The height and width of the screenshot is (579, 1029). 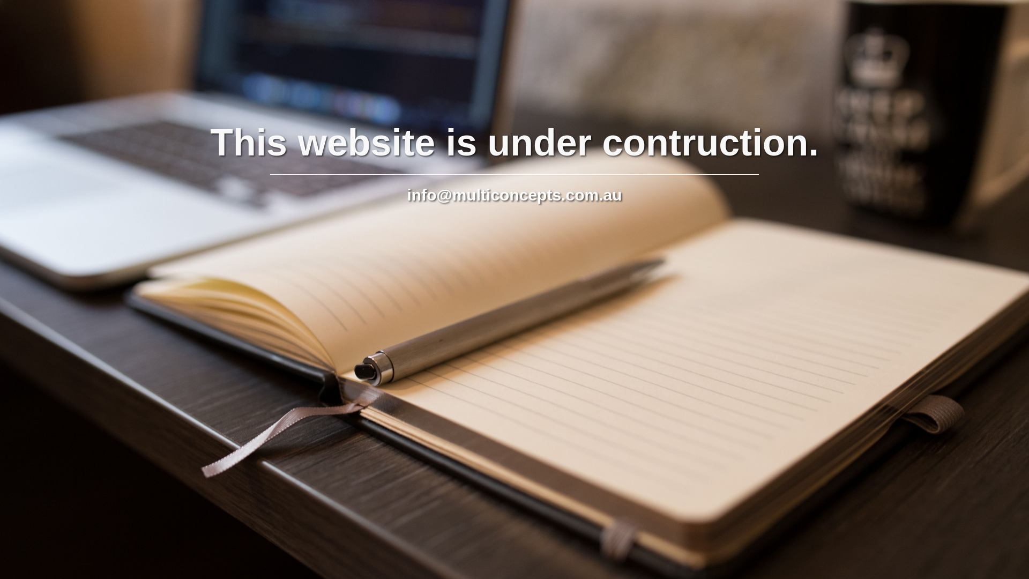 I want to click on 'info@multiconcepts.com.au', so click(x=514, y=195).